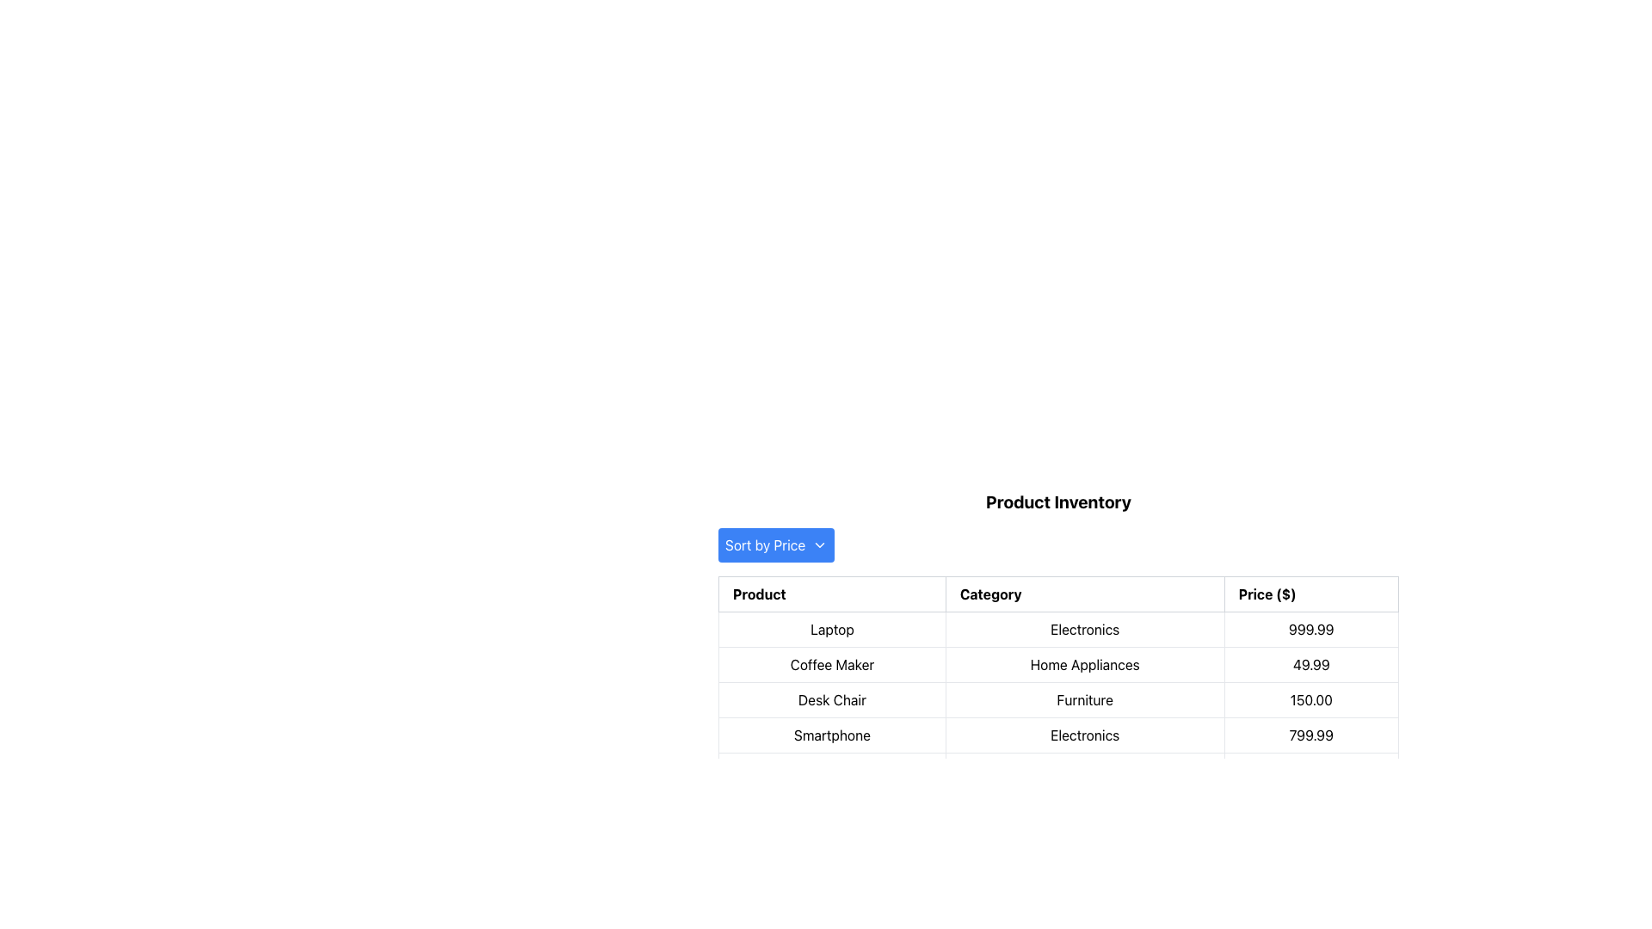 The height and width of the screenshot is (929, 1652). Describe the element at coordinates (1310, 663) in the screenshot. I see `the static text displaying the price of the 'Coffee Maker' product in the second row, third column of the 'Product Inventory' table` at that location.